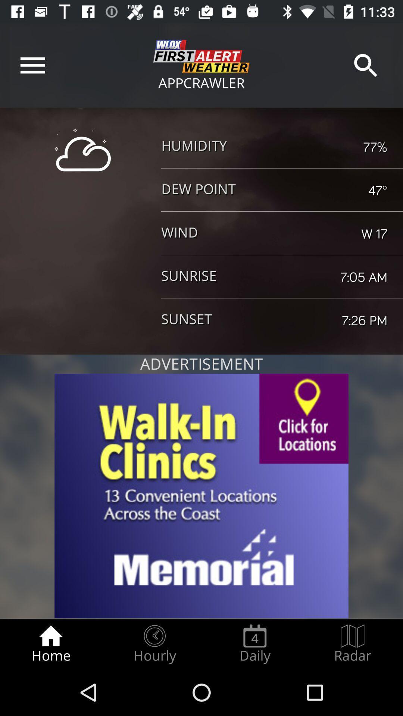  Describe the element at coordinates (254, 644) in the screenshot. I see `the daily calender at the bottom of the page` at that location.